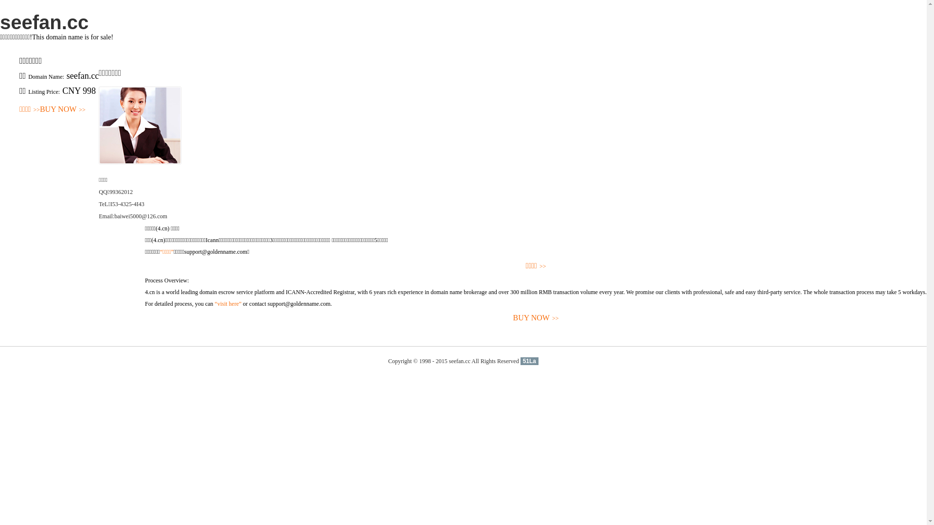 The image size is (934, 525). I want to click on '51La', so click(529, 361).